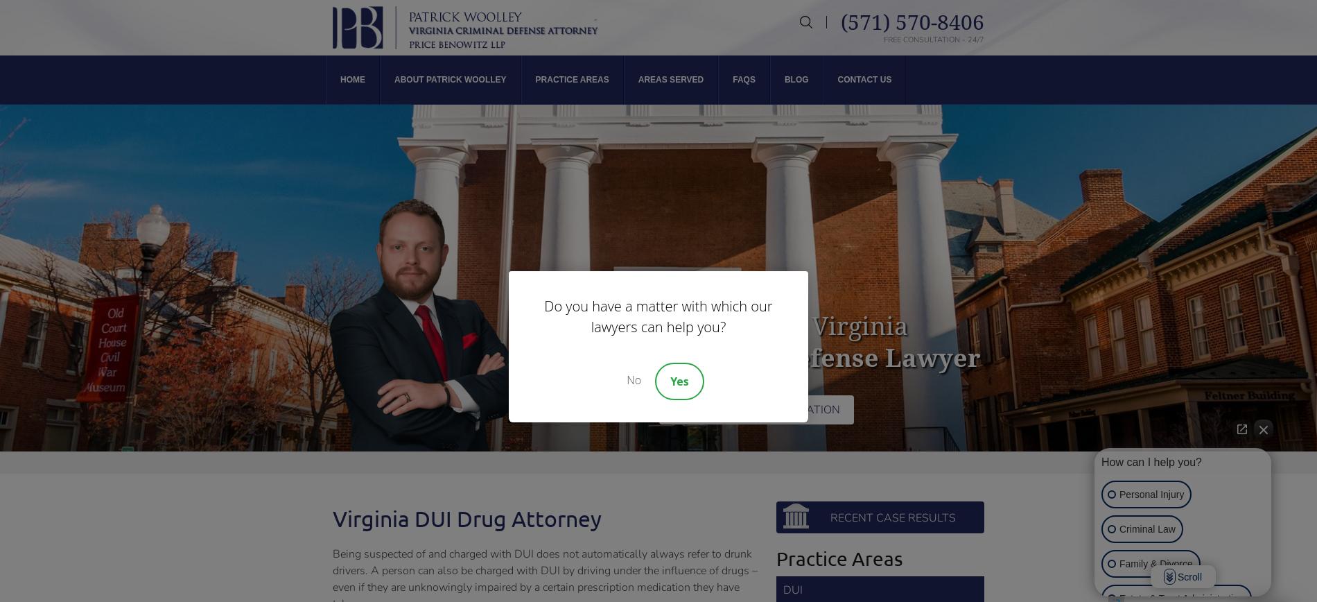  What do you see at coordinates (792, 590) in the screenshot?
I see `'DUI'` at bounding box center [792, 590].